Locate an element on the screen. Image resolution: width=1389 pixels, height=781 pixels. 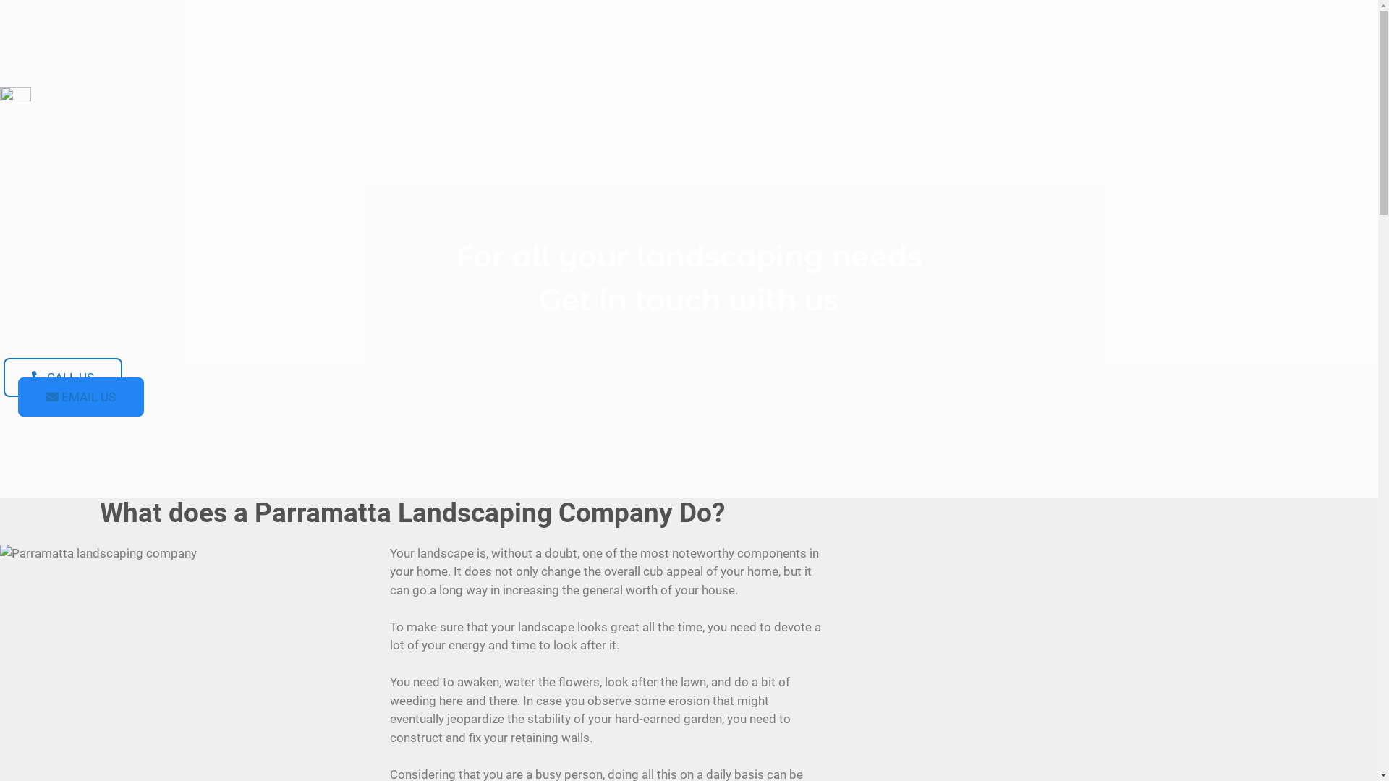
'CALL US' is located at coordinates (61, 376).